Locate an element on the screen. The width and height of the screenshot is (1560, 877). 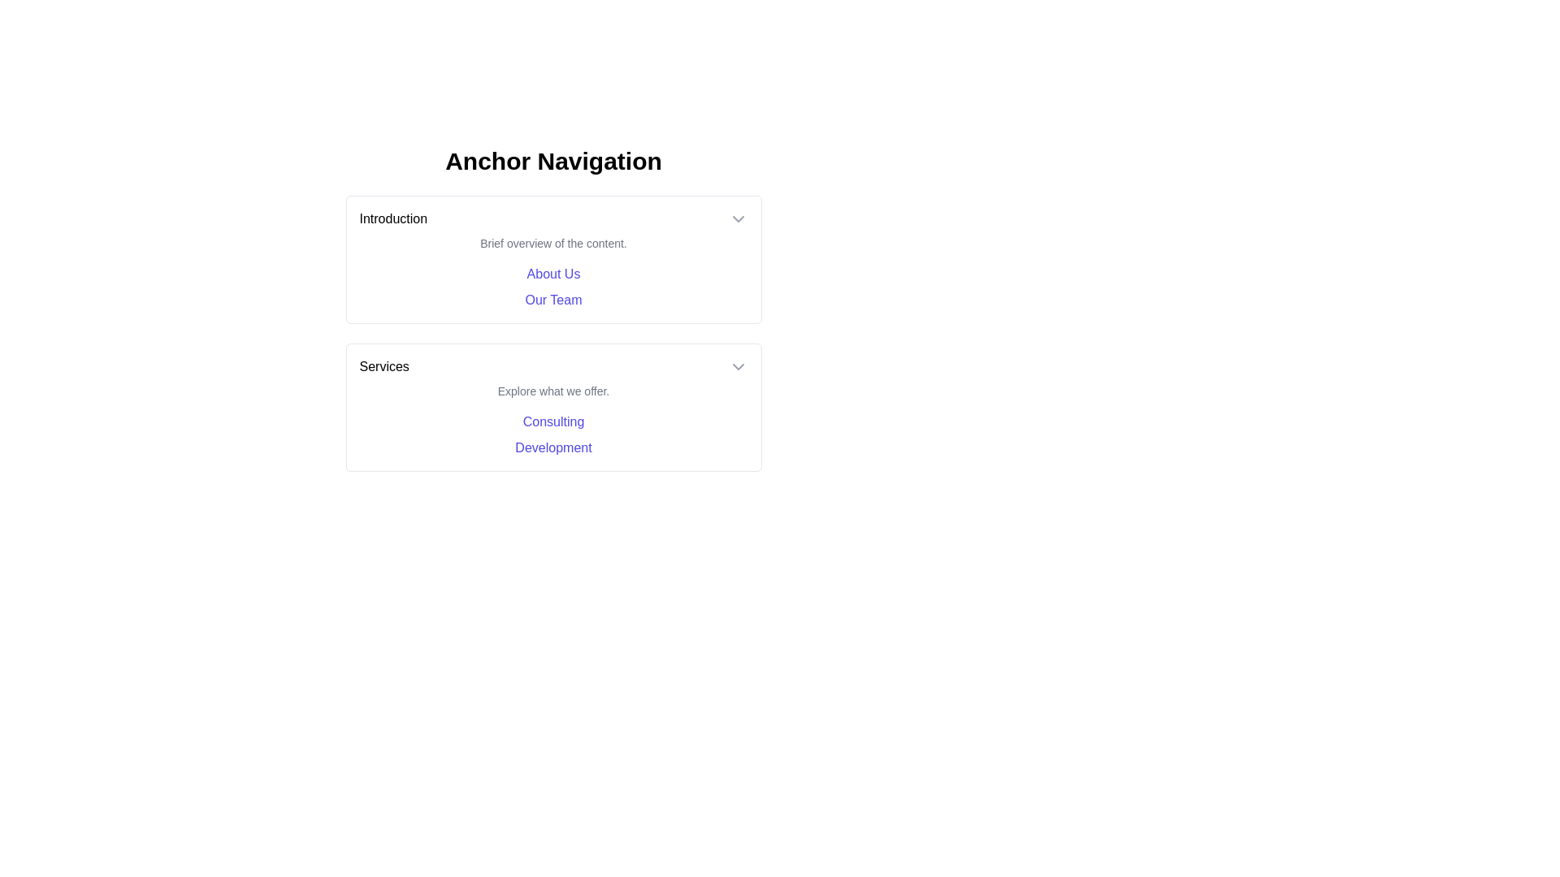
the 'About Us' hyperlink, which is styled in indigo color and shows an underline on hover, located in the 'Introduction' section between 'Brief overview' and 'Our Team' is located at coordinates (553, 273).